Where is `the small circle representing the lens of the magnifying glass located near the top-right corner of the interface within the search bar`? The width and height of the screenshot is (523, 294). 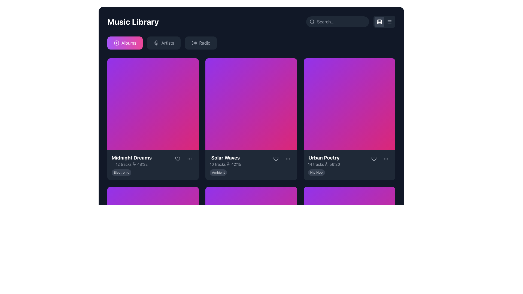
the small circle representing the lens of the magnifying glass located near the top-right corner of the interface within the search bar is located at coordinates (312, 21).